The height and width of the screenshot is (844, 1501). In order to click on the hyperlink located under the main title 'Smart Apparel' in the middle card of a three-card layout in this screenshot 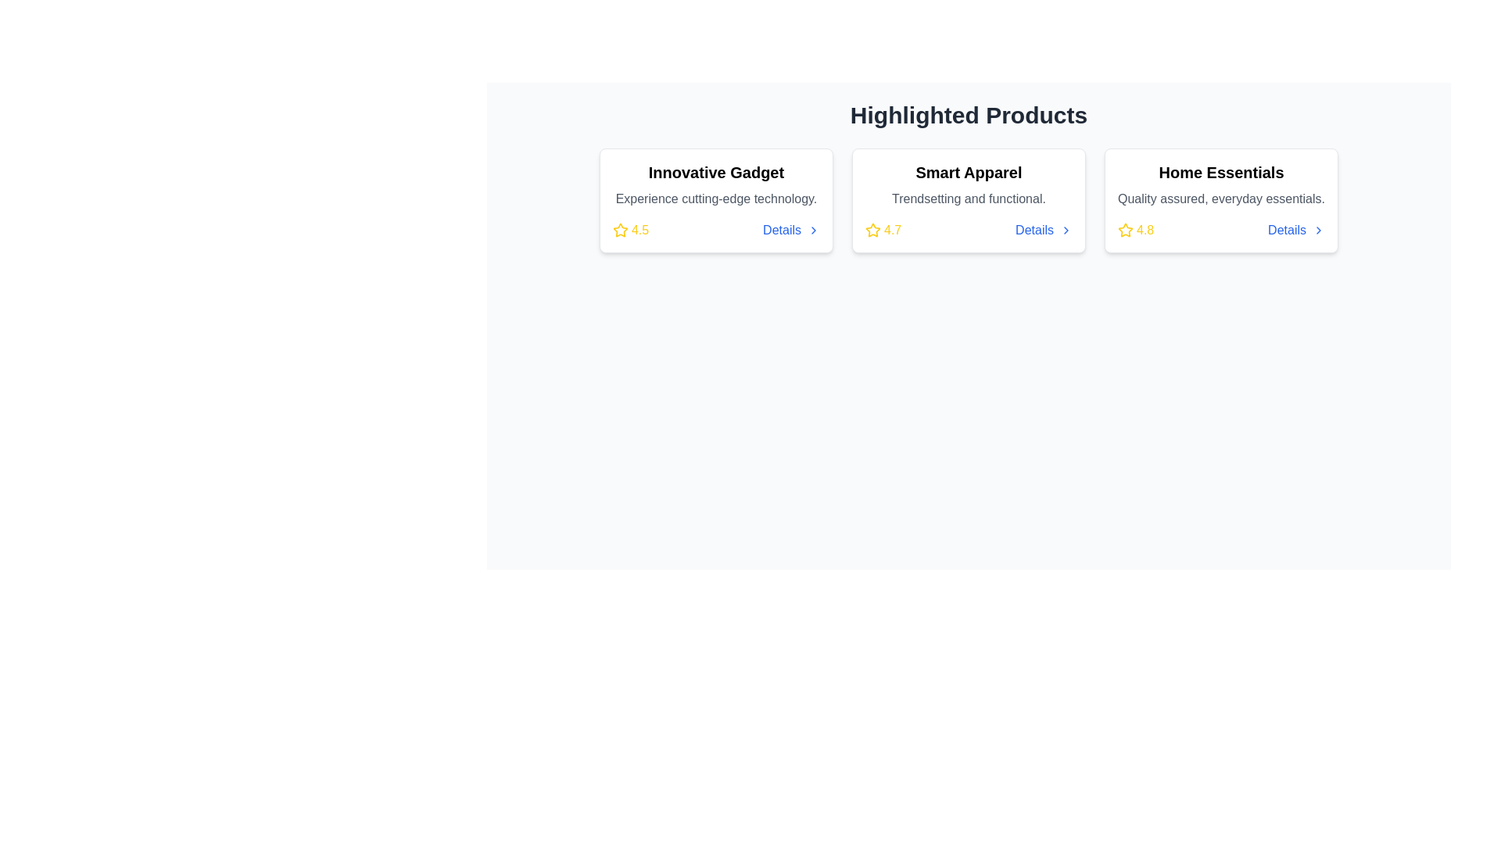, I will do `click(1034, 230)`.